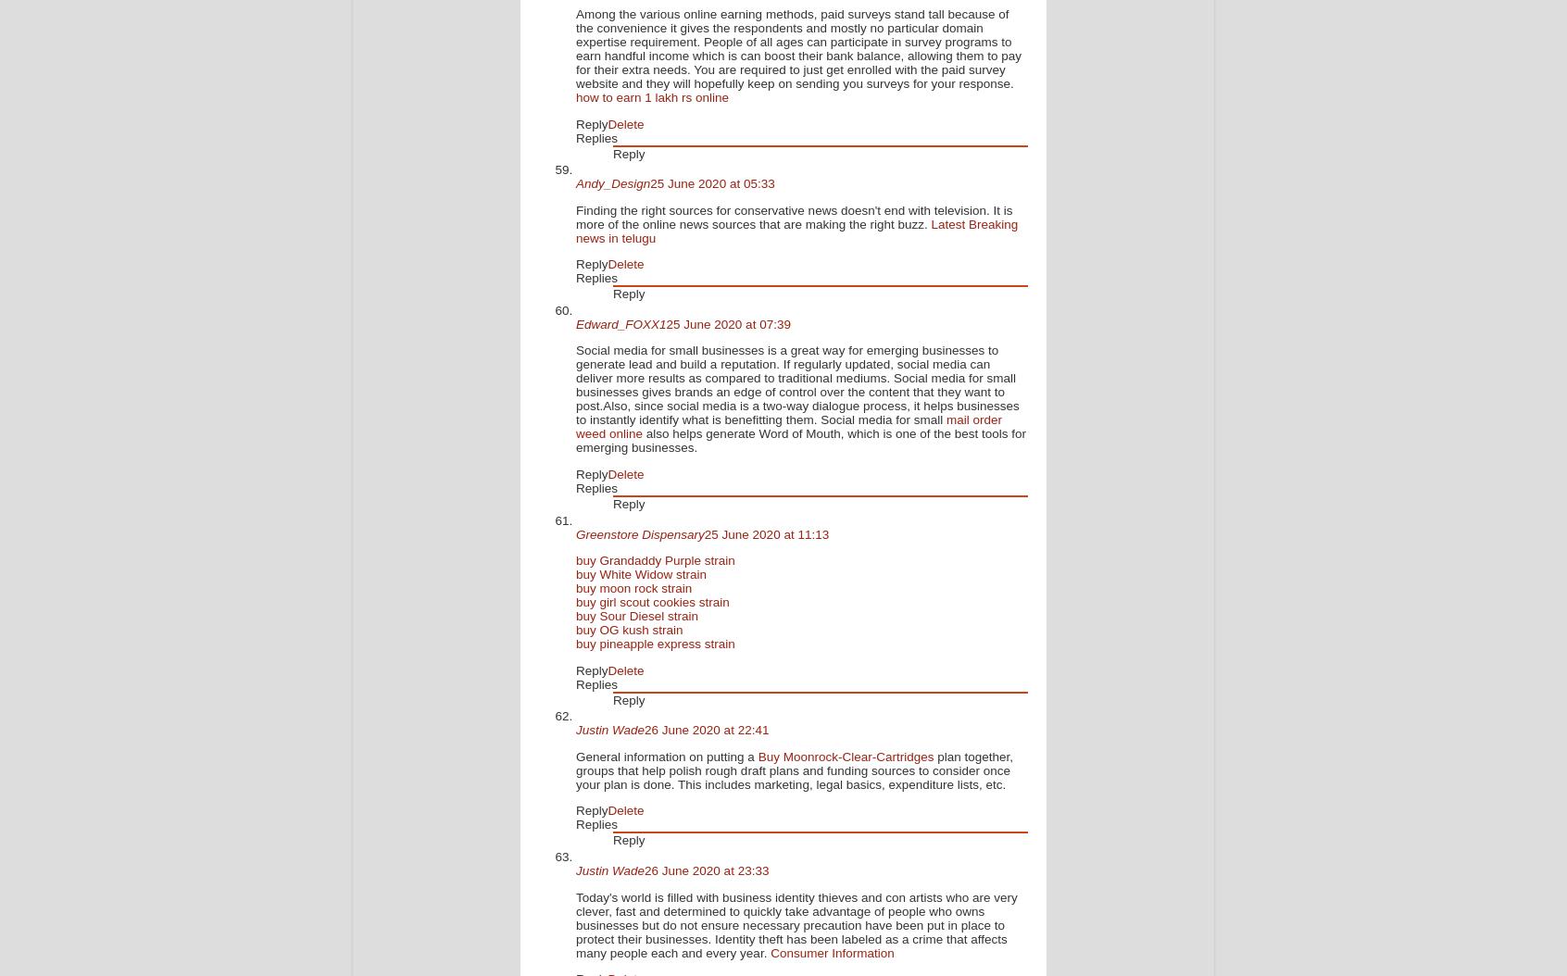  I want to click on 'Among the various online earning methods, paid surveys stand tall because of the convenience it gives the respondents and mostly no particular domain expertise requirement. People of all ages can participate in survey programs to earn handful income which is can boost their bank balance, allowing them to pay for their extra needs. You are required to just get enrolled with the paid survey website and they will hopefully keep on sending you surveys for your response.', so click(797, 49).